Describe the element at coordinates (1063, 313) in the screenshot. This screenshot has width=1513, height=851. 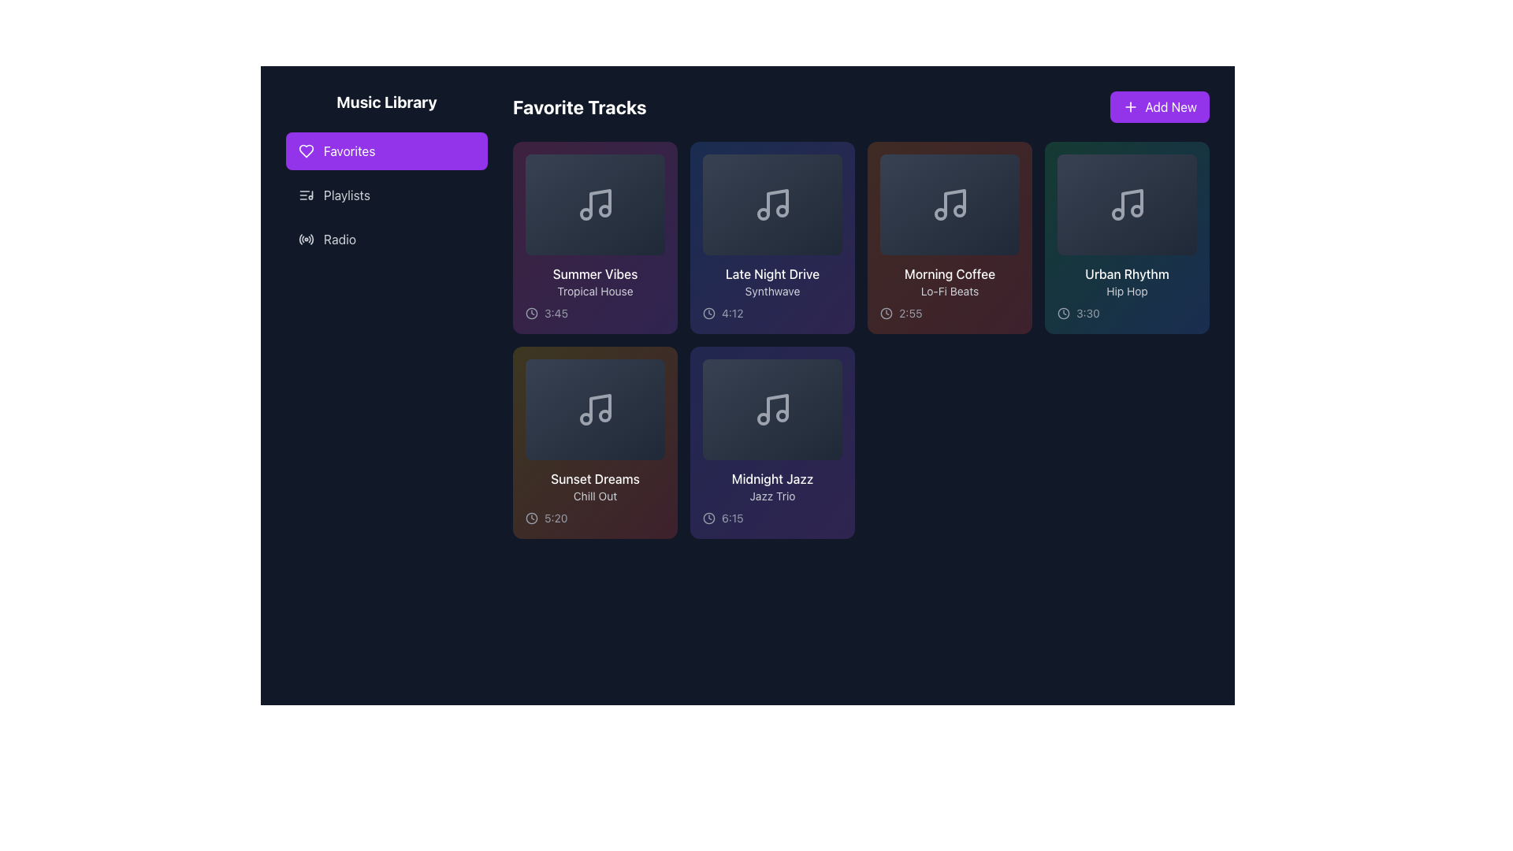
I see `the outer boundary of the clock icon located in the bottom left corner of the 'Urban Rhythm' card in the Favorite Tracks section` at that location.